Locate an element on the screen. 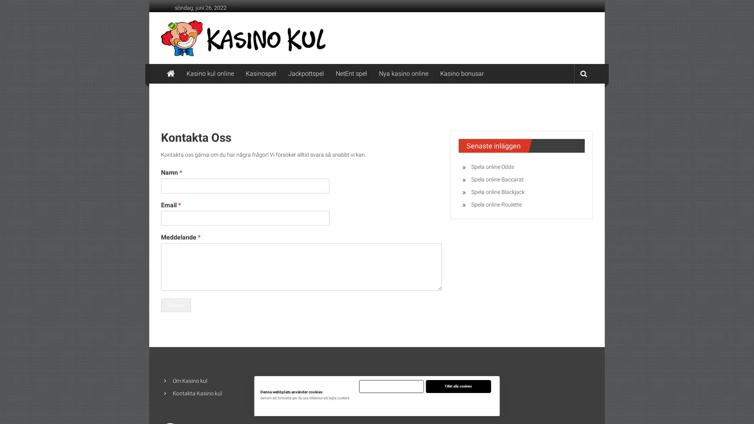 This screenshot has height=424, width=754. Endast nodvandiga is located at coordinates (391, 386).